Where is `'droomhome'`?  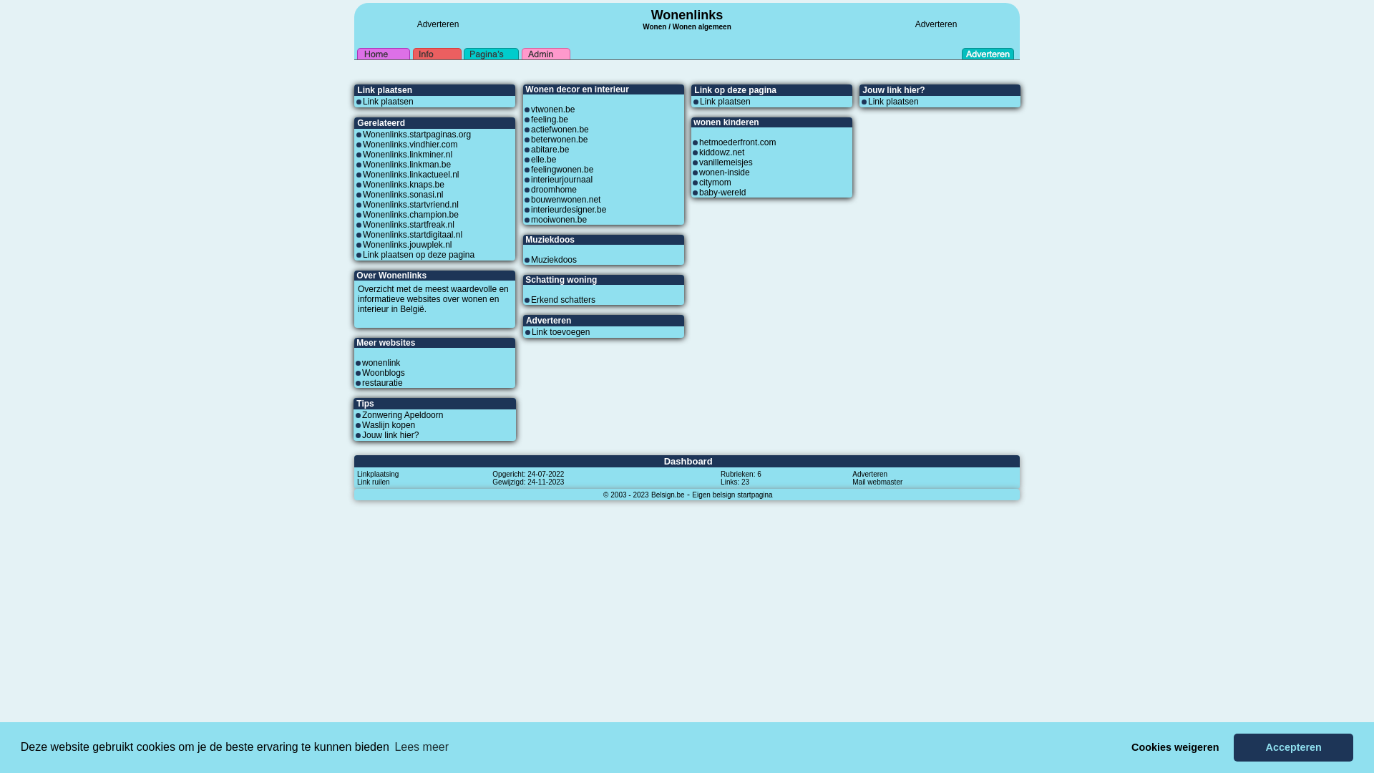 'droomhome' is located at coordinates (552, 189).